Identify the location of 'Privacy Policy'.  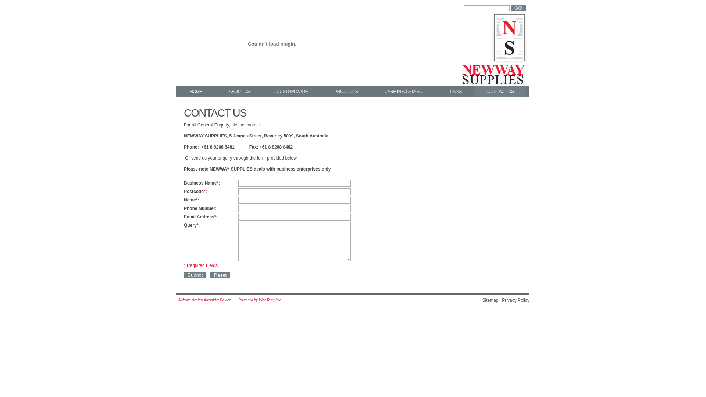
(501, 300).